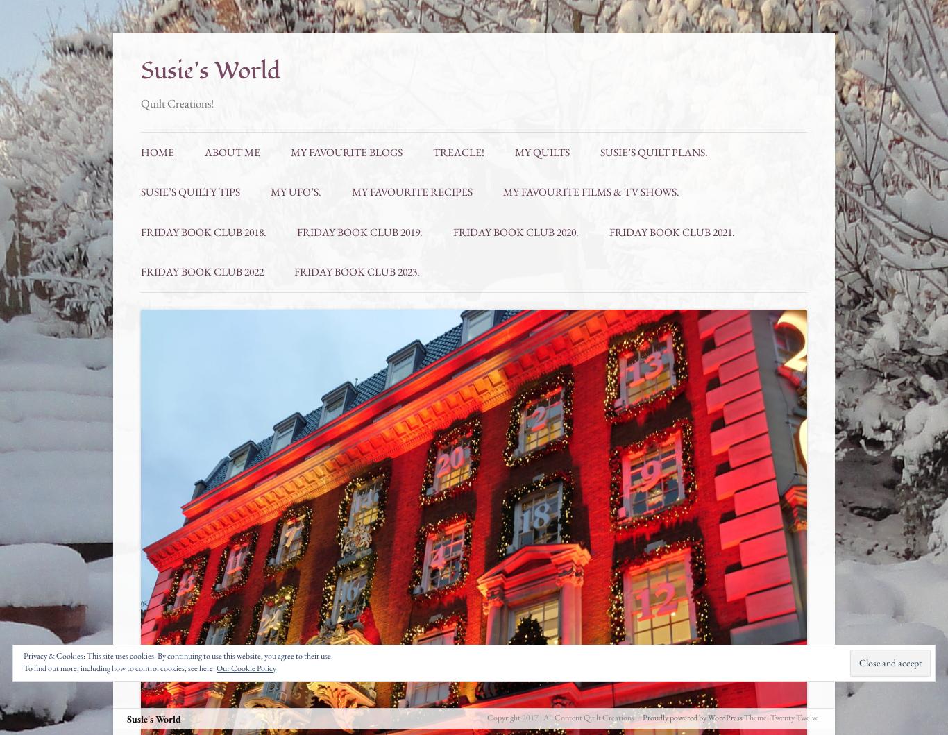 The image size is (948, 735). Describe the element at coordinates (357, 271) in the screenshot. I see `'Friday Book Club 2023.'` at that location.